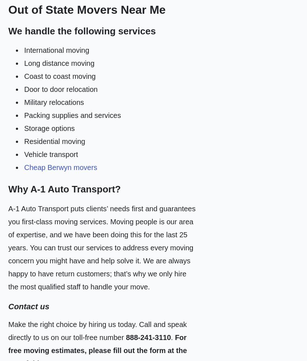 Image resolution: width=307 pixels, height=361 pixels. What do you see at coordinates (101, 247) in the screenshot?
I see `'A-1 Auto Transport puts clients’ needs first and guarantees you first-class moving services. Moving people is our area of expertise, and we have been doing this for the last 25 years. You can trust our services to address every moving concern you might have and help solve it. We are always happy to have return customers; that’s why we only hire the most qualified staff to handle your move.'` at bounding box center [101, 247].